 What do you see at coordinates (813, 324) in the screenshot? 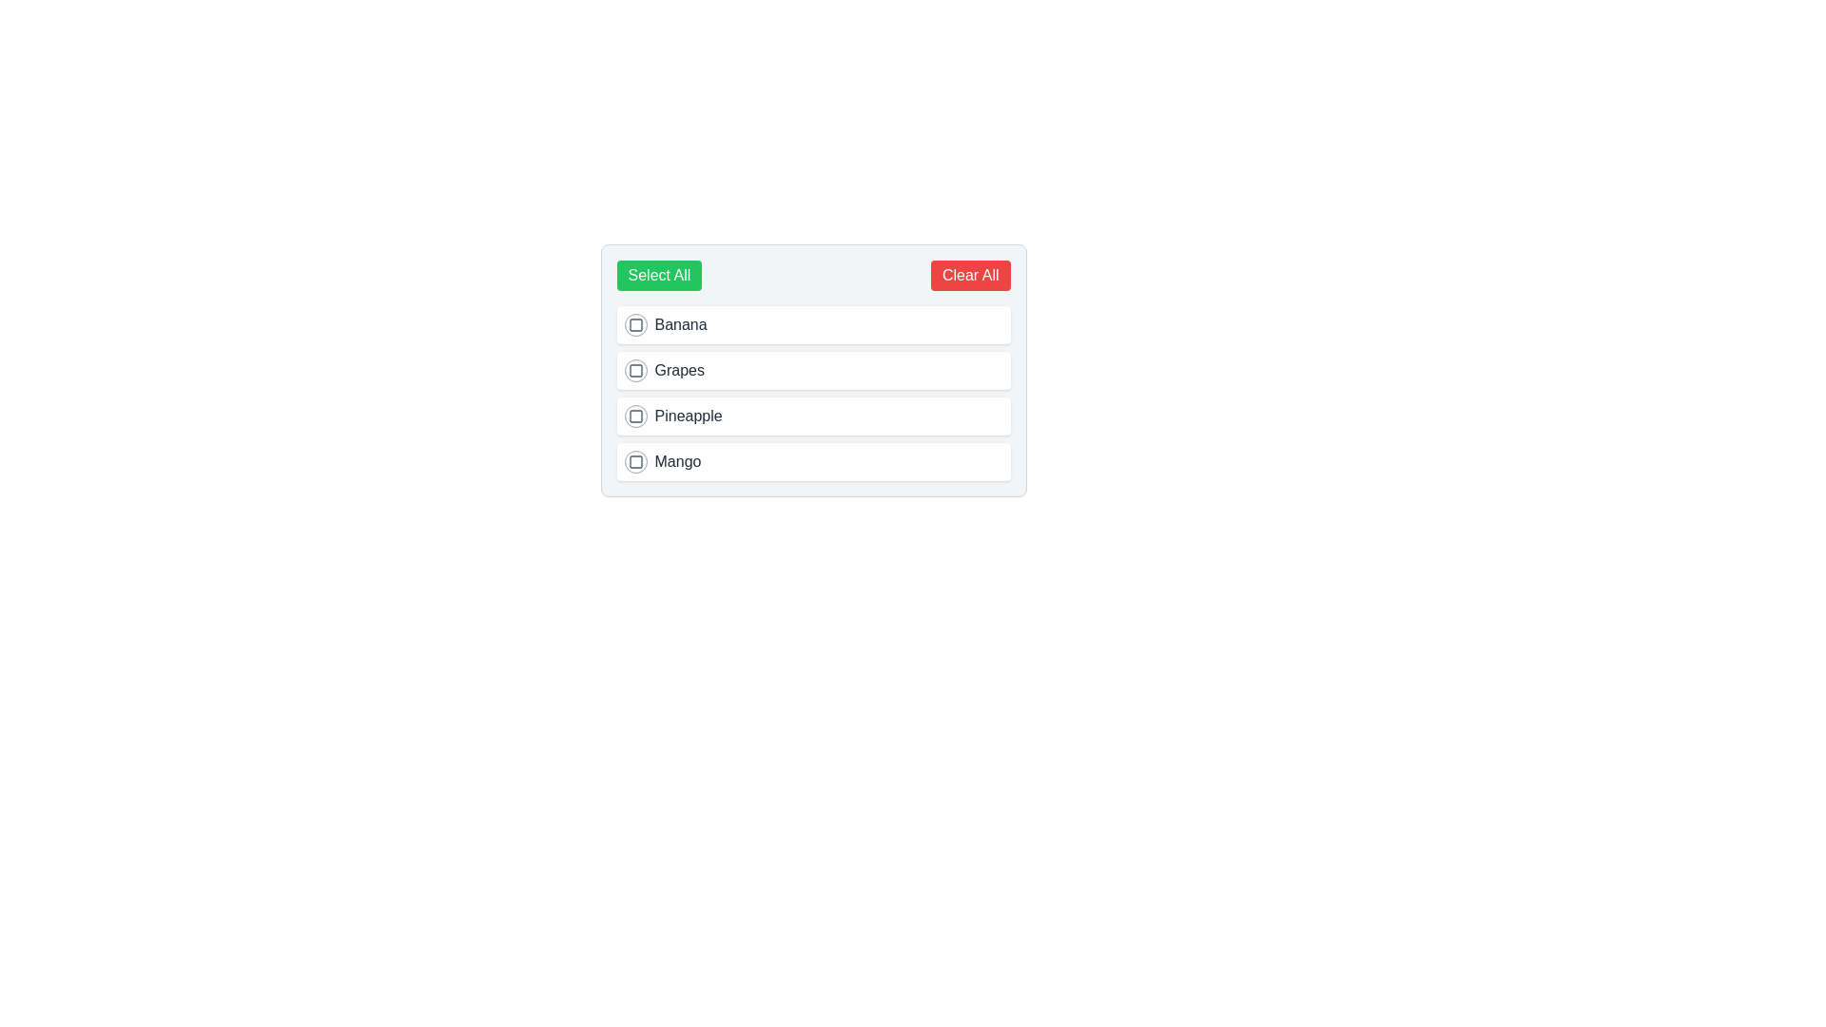
I see `the checkbox of the selectable list item labeled 'Banana'` at bounding box center [813, 324].